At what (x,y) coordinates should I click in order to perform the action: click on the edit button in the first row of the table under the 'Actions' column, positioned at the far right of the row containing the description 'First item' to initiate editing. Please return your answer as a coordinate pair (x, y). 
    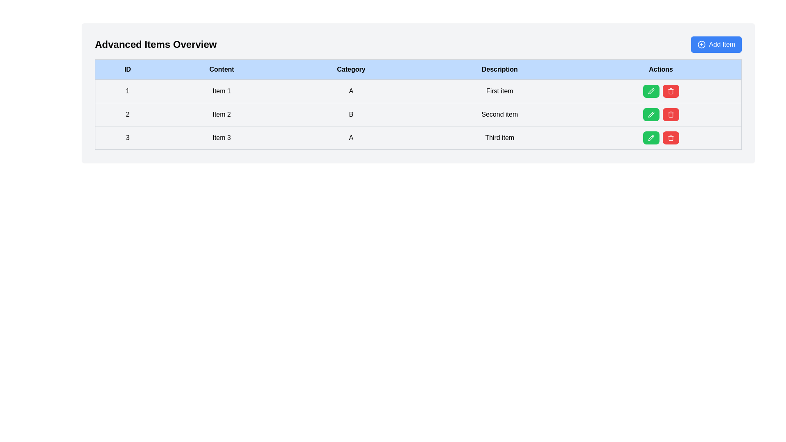
    Looking at the image, I should click on (661, 91).